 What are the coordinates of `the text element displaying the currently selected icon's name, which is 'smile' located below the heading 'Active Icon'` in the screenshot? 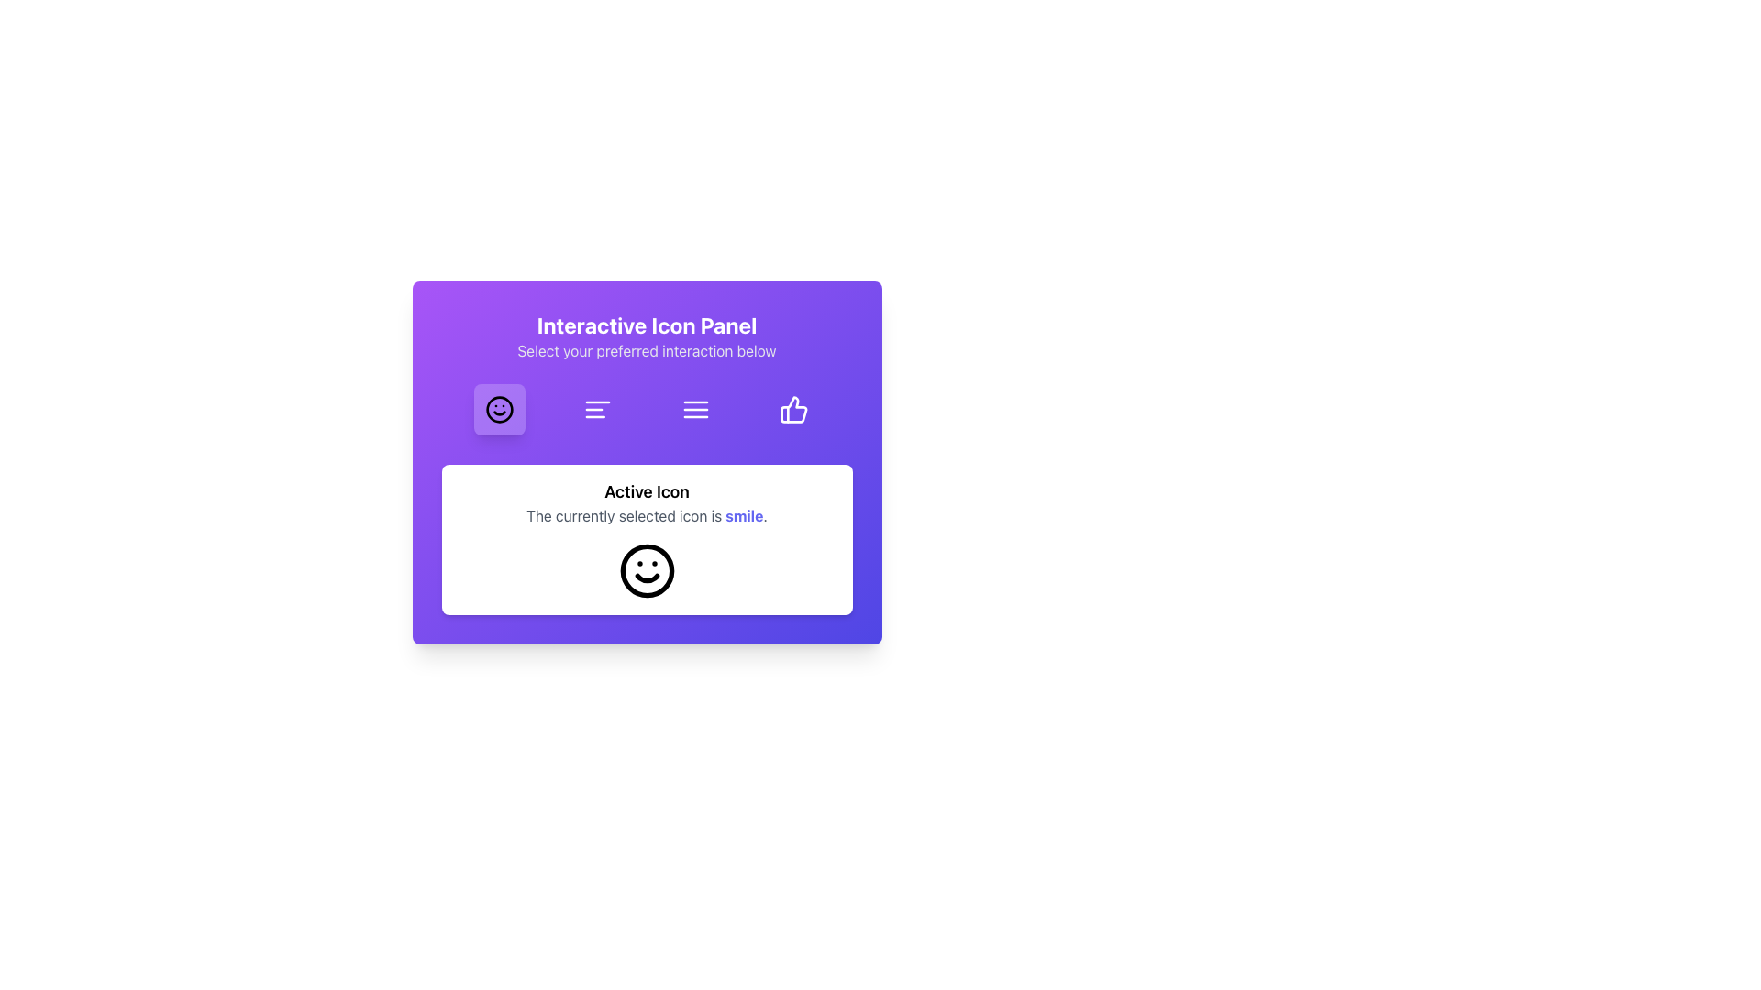 It's located at (742, 516).